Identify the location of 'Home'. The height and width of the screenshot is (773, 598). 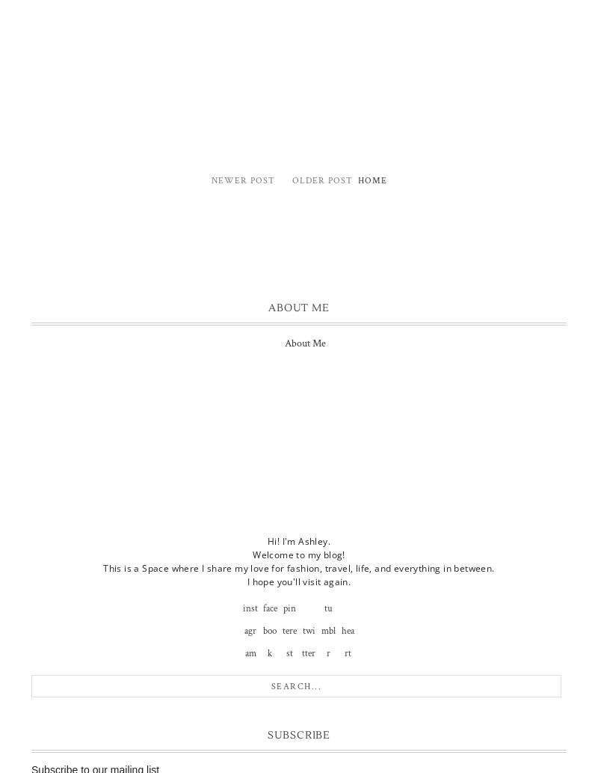
(357, 179).